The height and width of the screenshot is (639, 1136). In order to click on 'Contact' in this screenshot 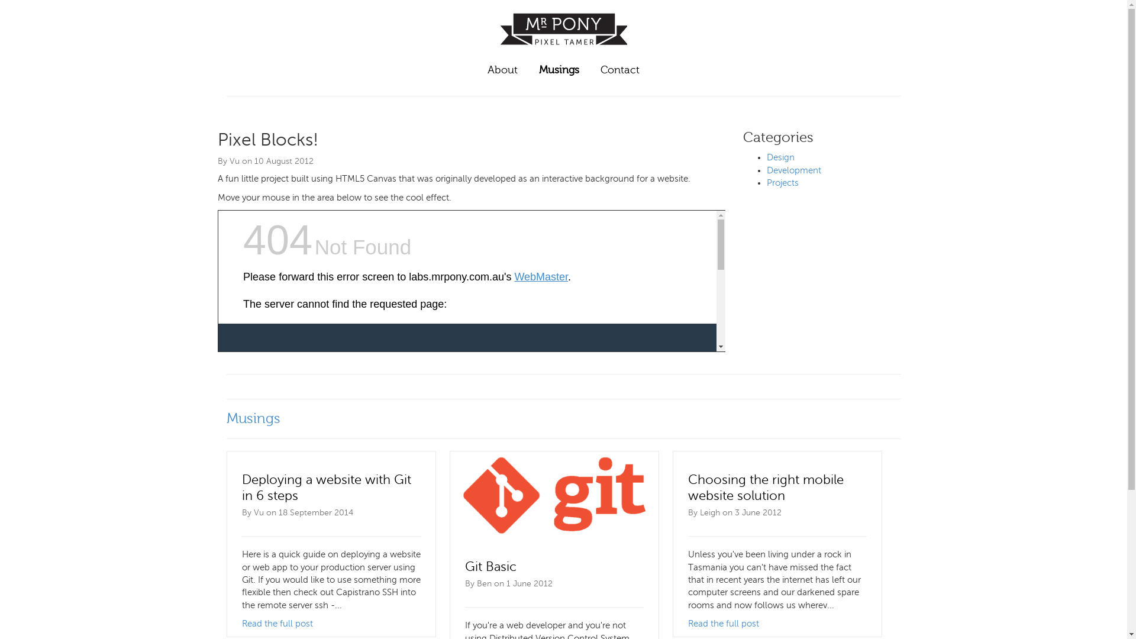, I will do `click(619, 70)`.